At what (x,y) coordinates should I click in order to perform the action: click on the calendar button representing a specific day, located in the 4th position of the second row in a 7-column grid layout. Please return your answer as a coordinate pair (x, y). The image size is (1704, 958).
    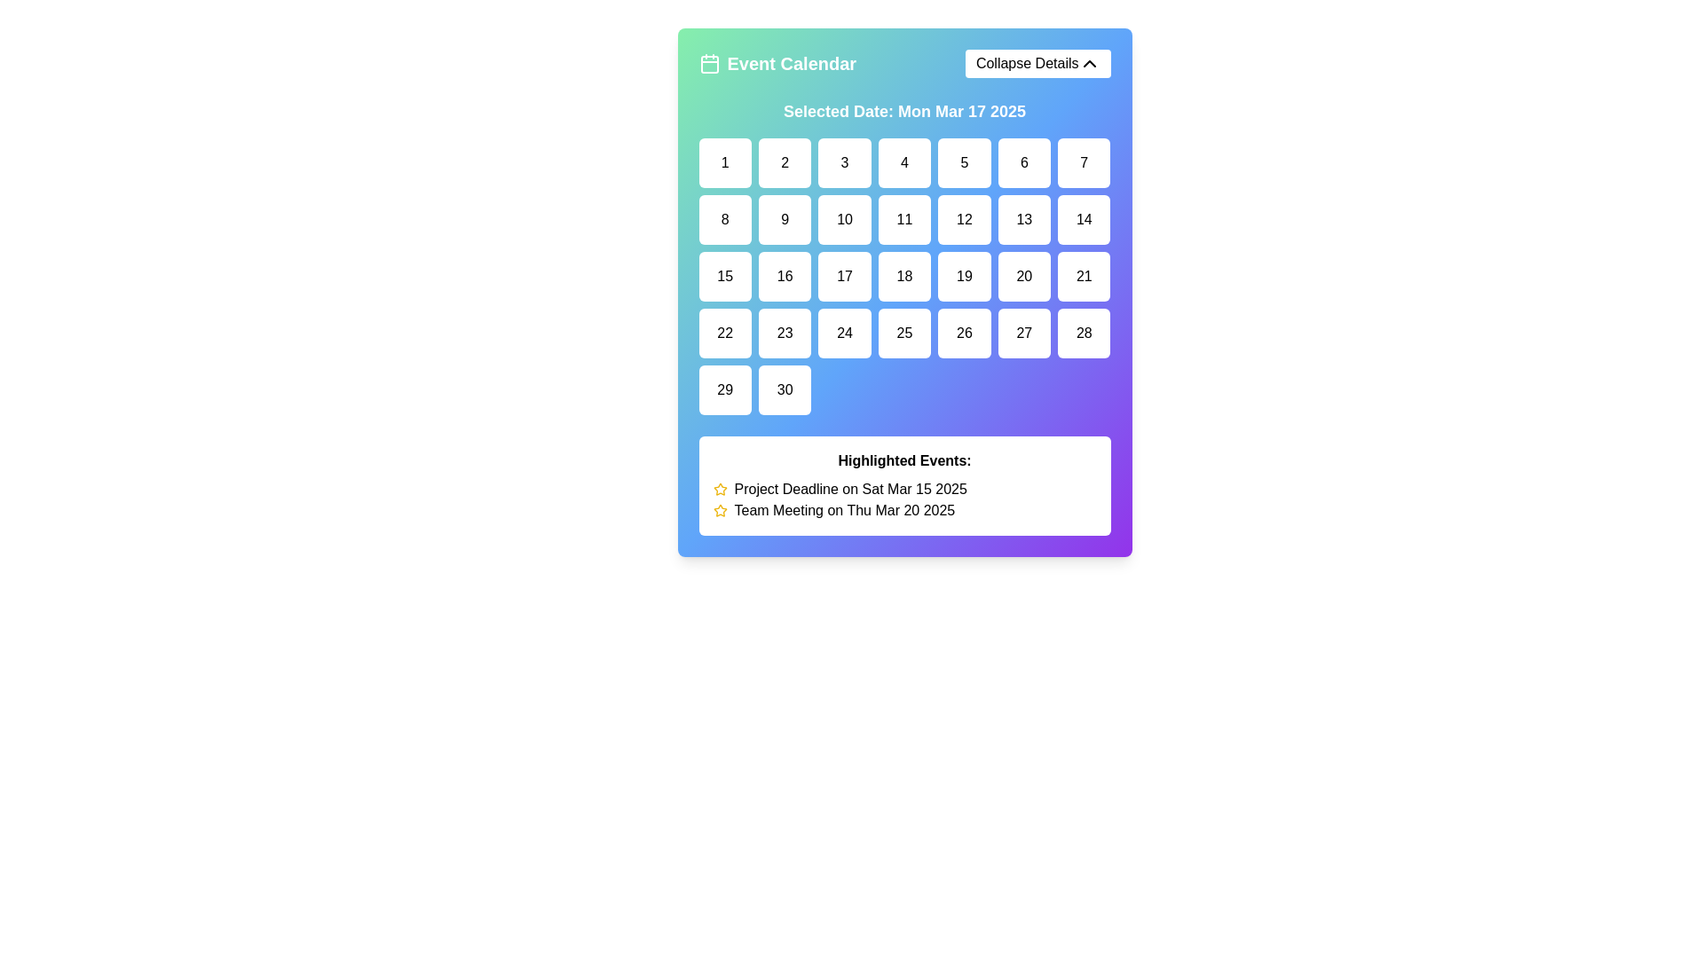
    Looking at the image, I should click on (904, 218).